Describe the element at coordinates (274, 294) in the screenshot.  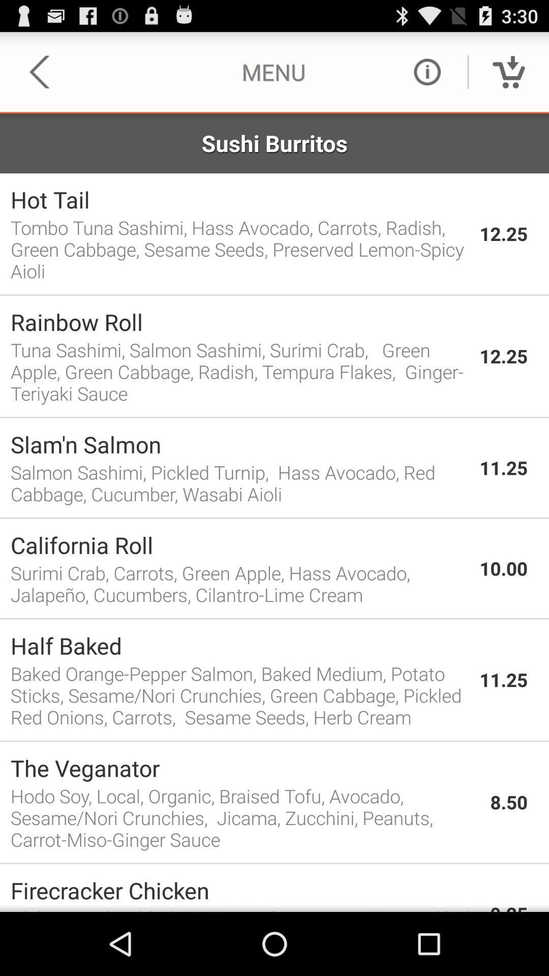
I see `app above the rainbow roll app` at that location.